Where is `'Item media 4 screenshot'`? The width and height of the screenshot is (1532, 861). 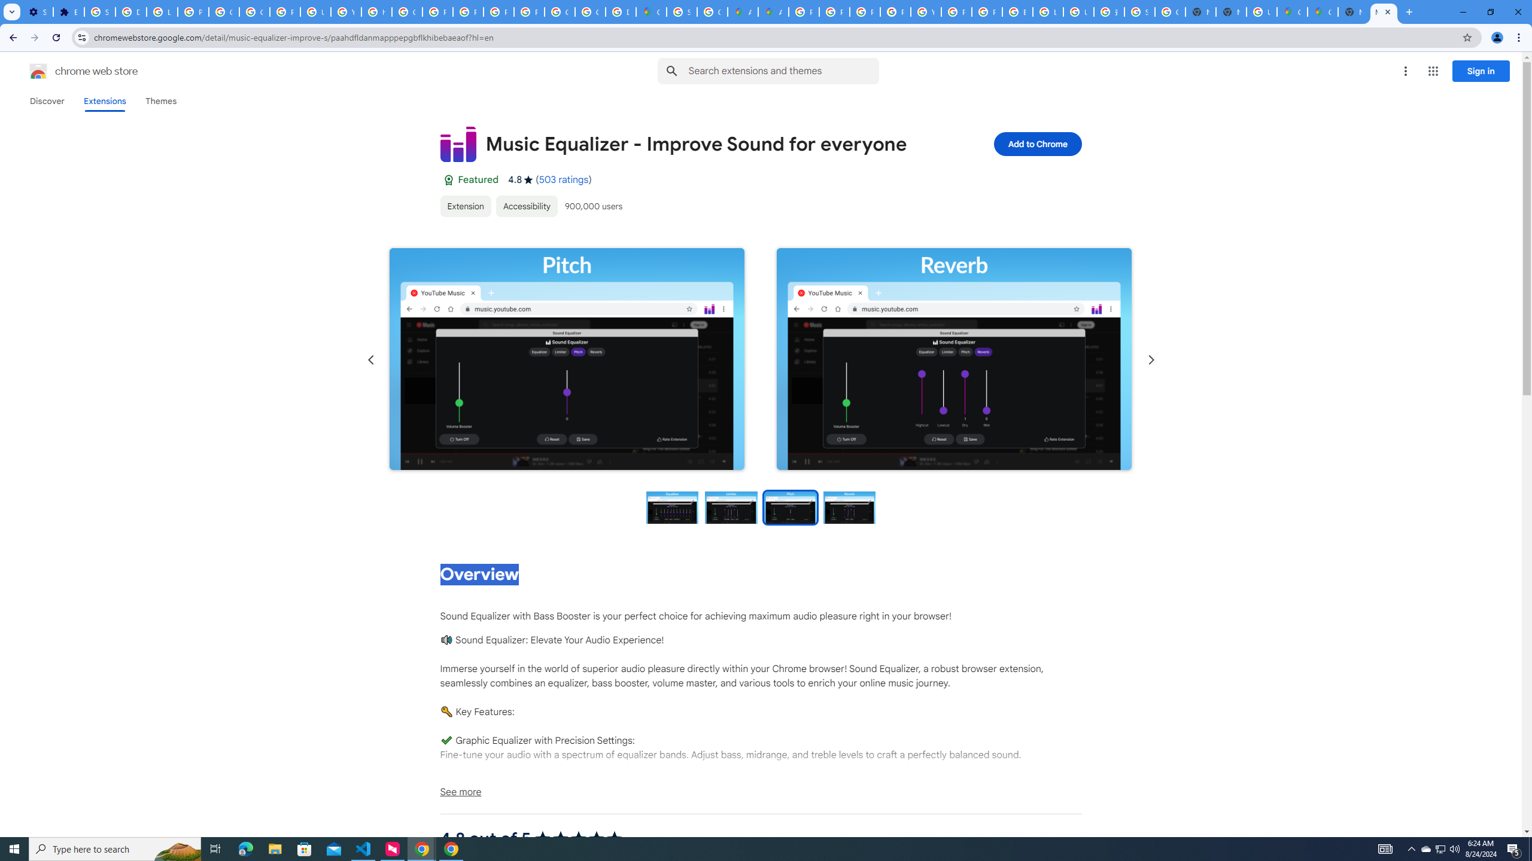 'Item media 4 screenshot' is located at coordinates (953, 359).